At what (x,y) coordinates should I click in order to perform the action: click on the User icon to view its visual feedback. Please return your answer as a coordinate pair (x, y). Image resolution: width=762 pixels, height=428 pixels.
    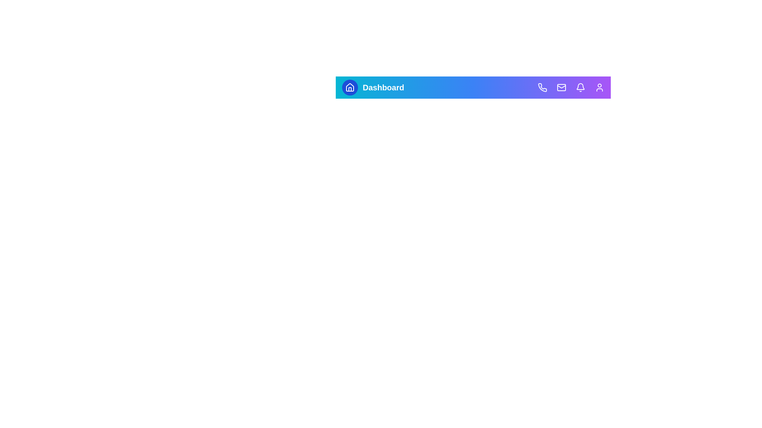
    Looking at the image, I should click on (600, 87).